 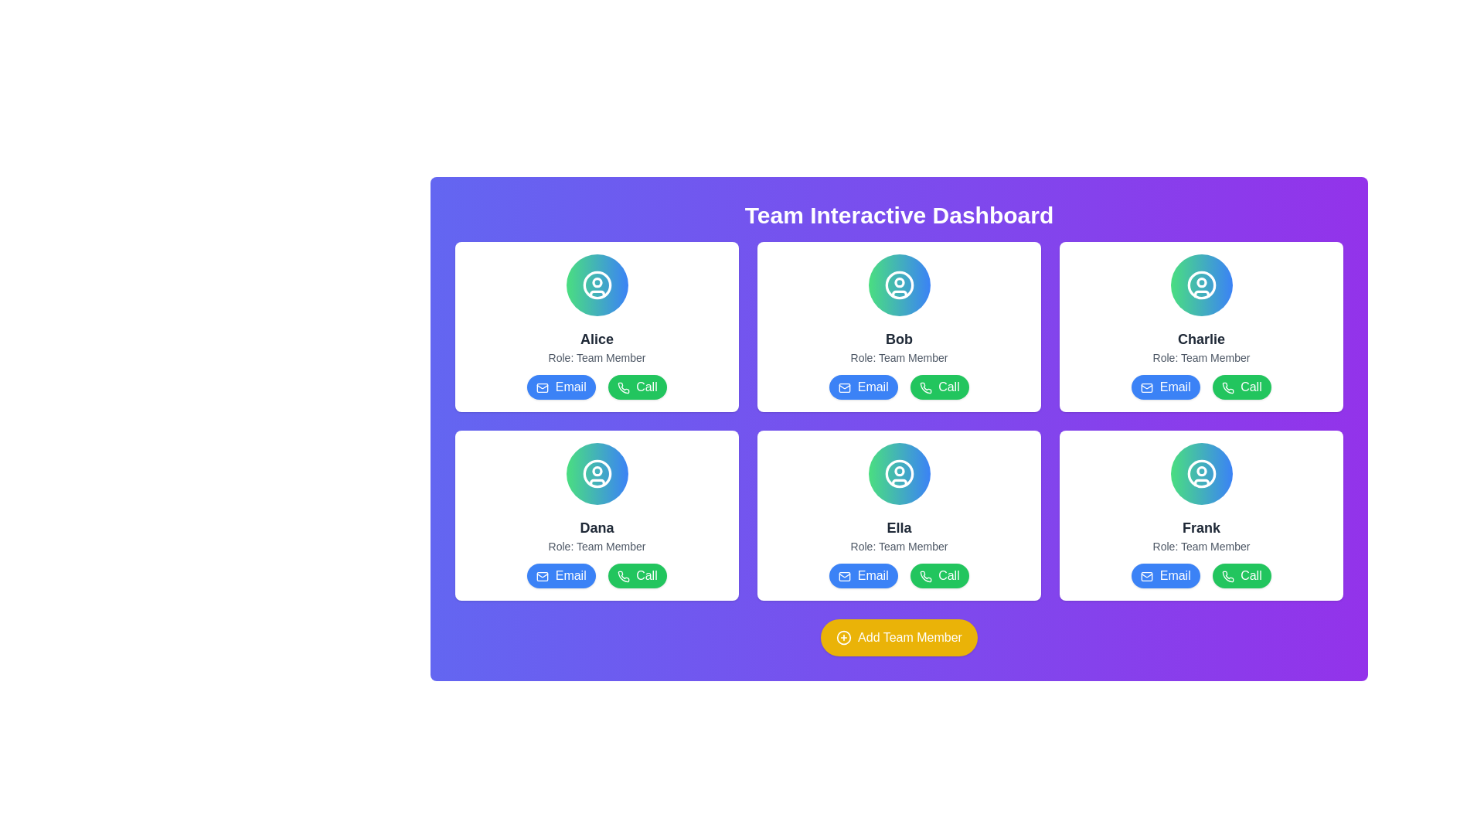 I want to click on the email communication button for user 'Frank' located at the bottom-right corner of their profile card, so click(x=1166, y=575).